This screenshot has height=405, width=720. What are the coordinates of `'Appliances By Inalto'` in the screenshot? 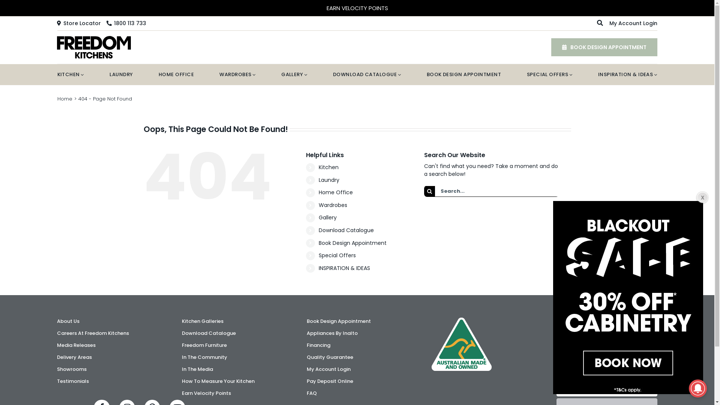 It's located at (357, 333).